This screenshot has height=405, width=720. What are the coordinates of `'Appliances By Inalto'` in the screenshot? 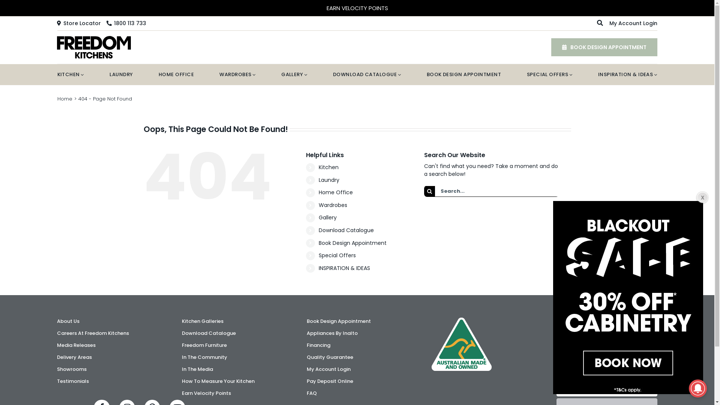 It's located at (357, 333).